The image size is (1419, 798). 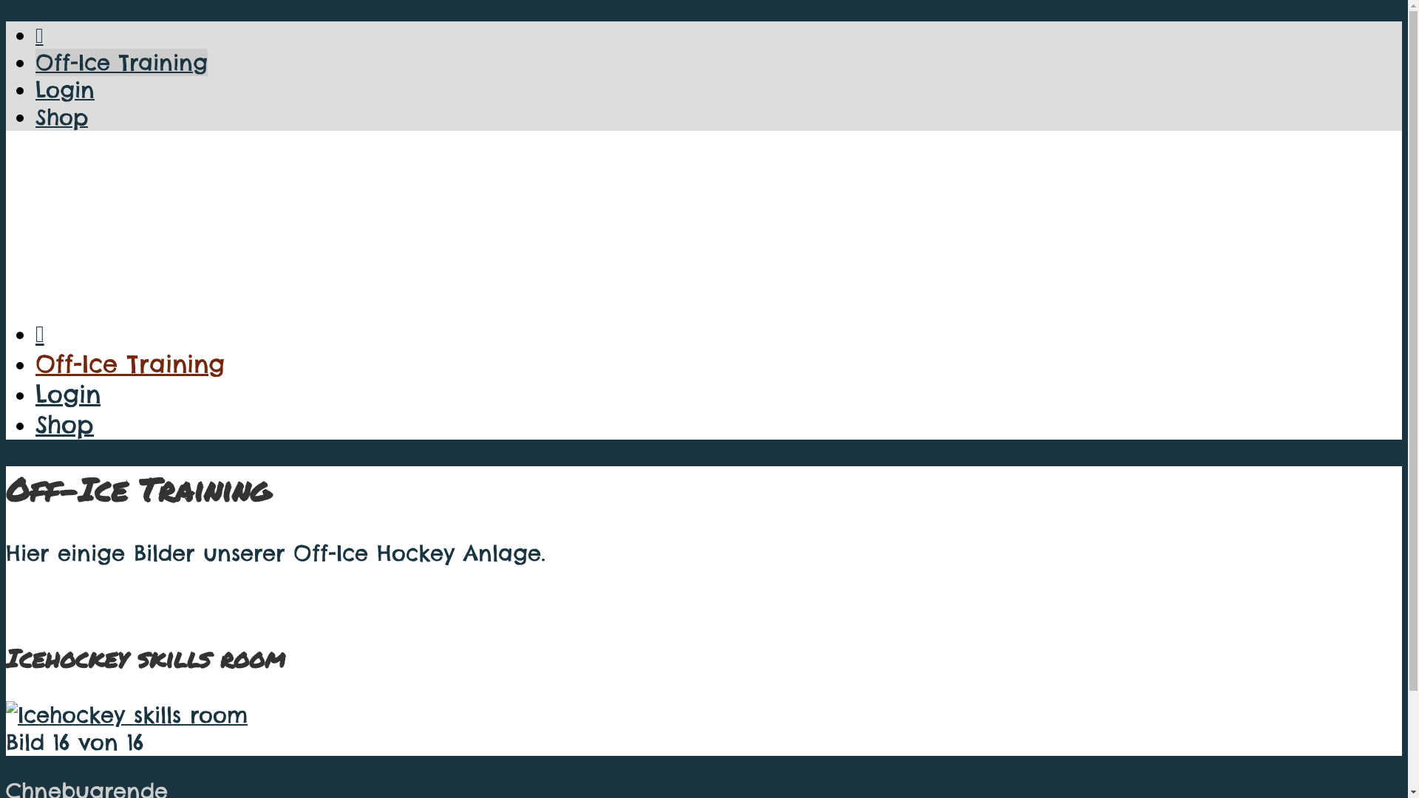 I want to click on 'Off-Ice Training', so click(x=130, y=364).